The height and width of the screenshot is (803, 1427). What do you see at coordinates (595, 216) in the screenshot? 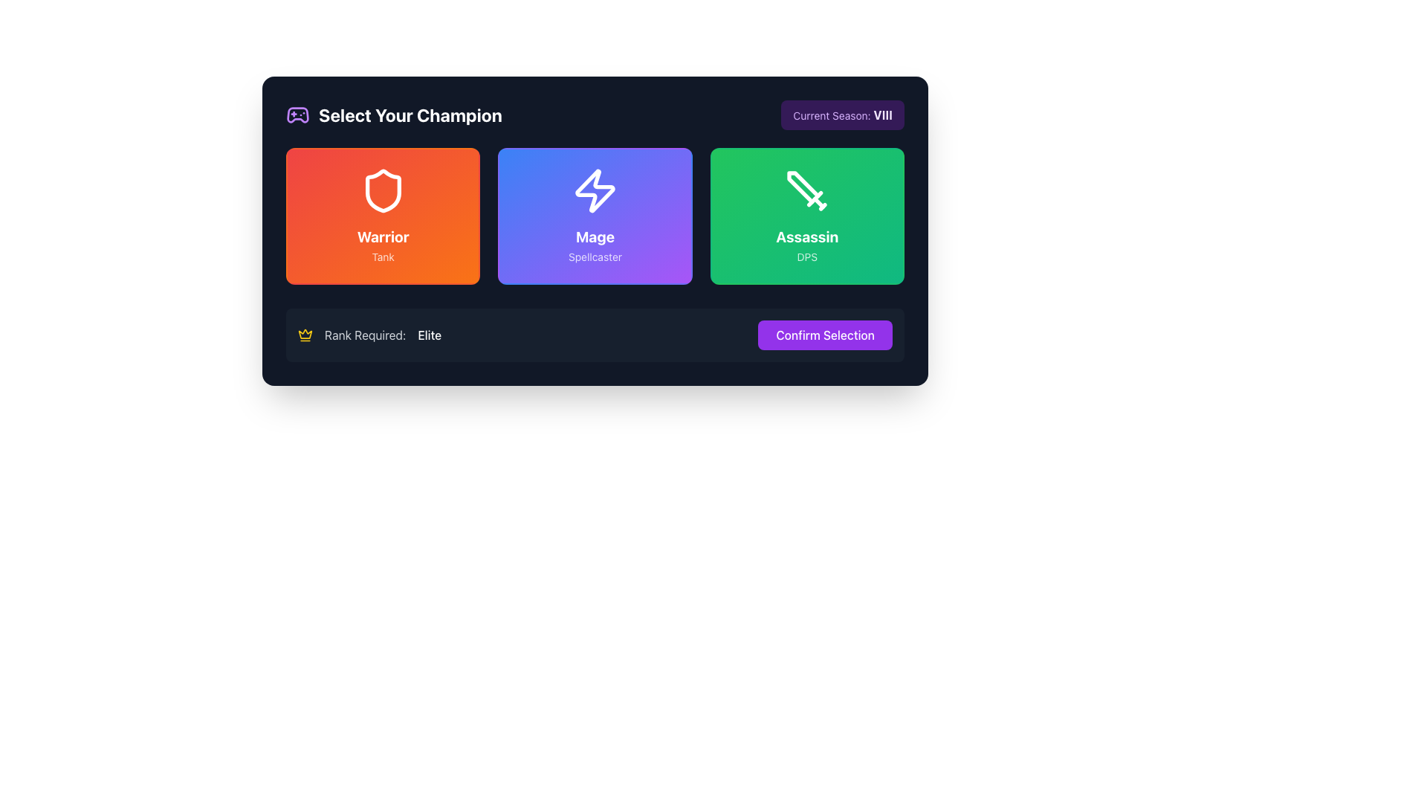
I see `the selectable card featuring a lightning bolt icon and the text 'Mage' and 'Spellcaster', which is the second option in a three-item layout` at bounding box center [595, 216].